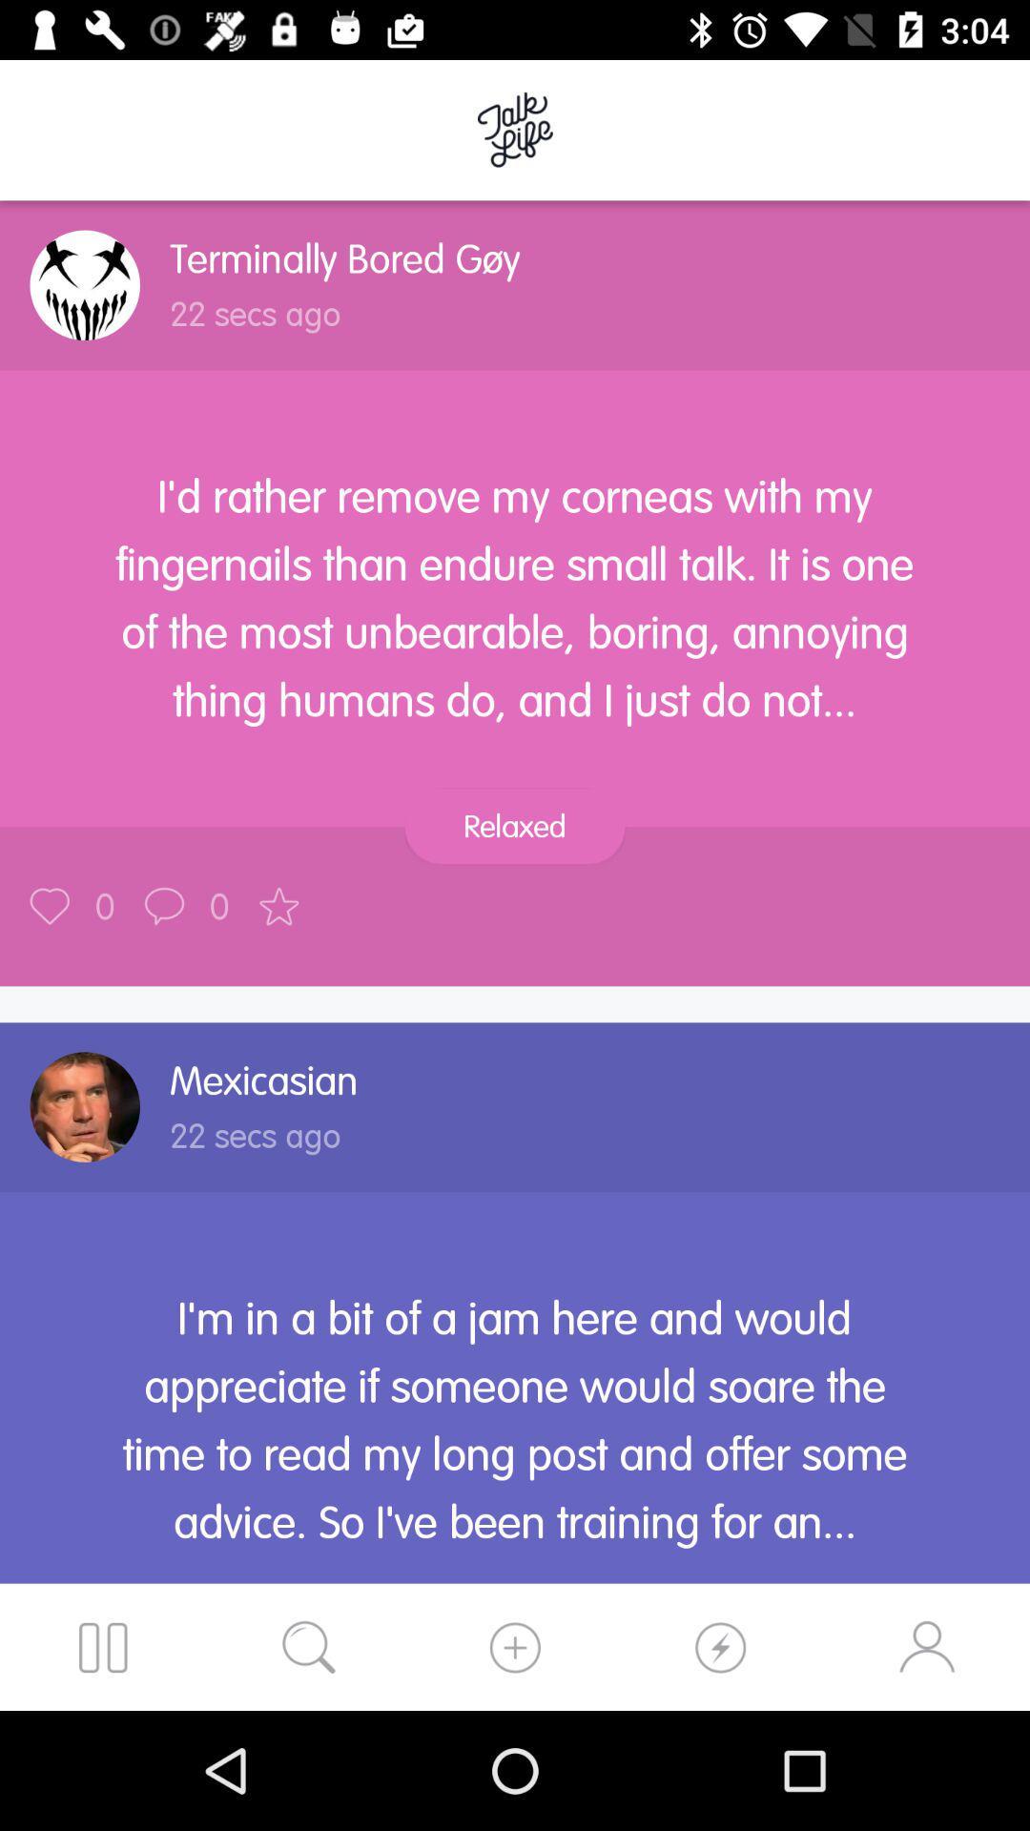 The width and height of the screenshot is (1030, 1831). What do you see at coordinates (264, 1080) in the screenshot?
I see `the mexicasian icon` at bounding box center [264, 1080].